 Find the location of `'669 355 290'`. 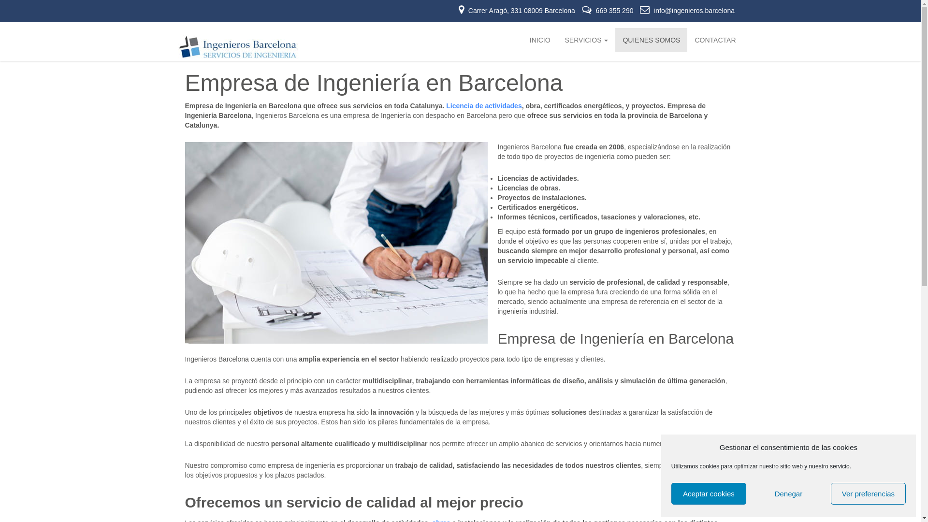

'669 355 290' is located at coordinates (608, 11).